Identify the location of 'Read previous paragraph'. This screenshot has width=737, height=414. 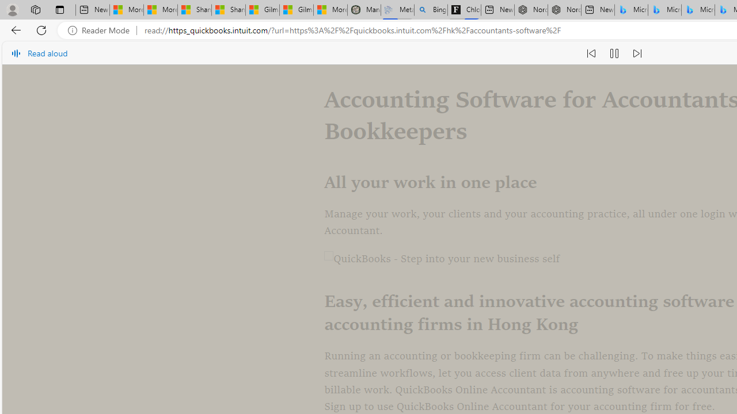
(591, 53).